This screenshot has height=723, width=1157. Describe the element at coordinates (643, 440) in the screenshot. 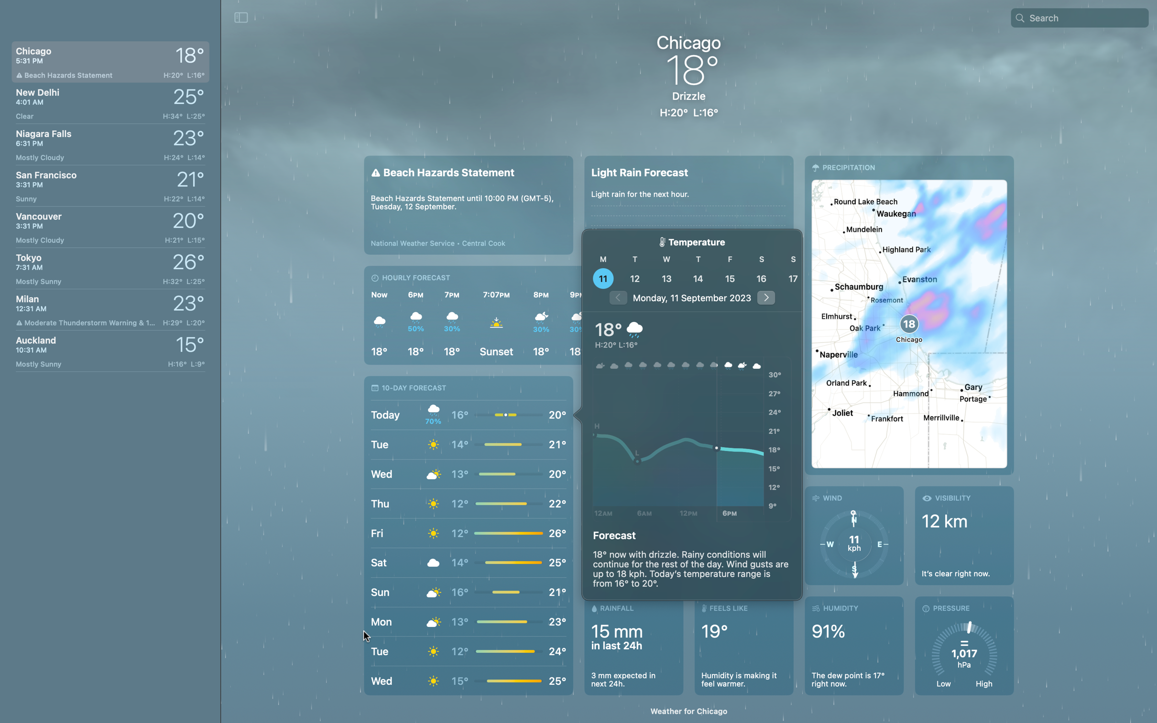

I see `Determine the weather at 6 o"clock in the morning` at that location.